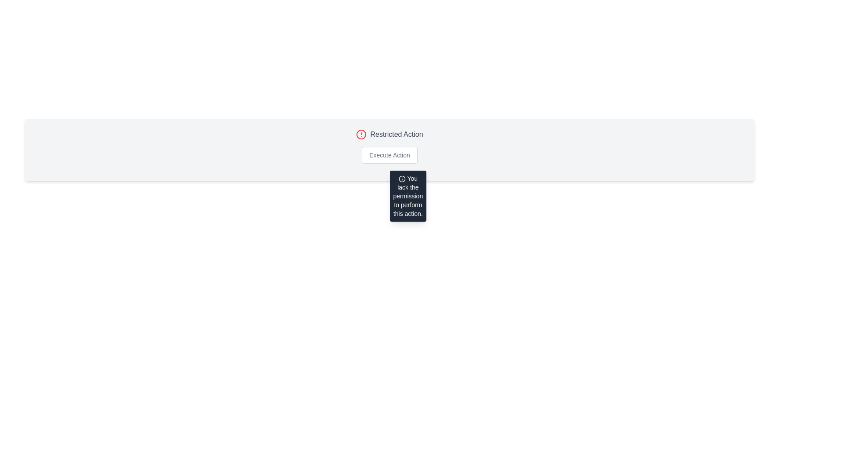 Image resolution: width=844 pixels, height=475 pixels. What do you see at coordinates (389, 134) in the screenshot?
I see `the 'Restricted Action' text with a red alert icon, which is centrally positioned above the 'Execute Action' button` at bounding box center [389, 134].